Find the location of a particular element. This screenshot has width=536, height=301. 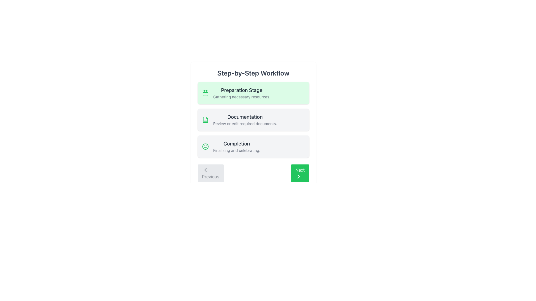

the vertical list containing three workflow steps, located under the 'Step-by-Step Workflow' header and above the 'Previous' and 'Next' buttons is located at coordinates (253, 119).